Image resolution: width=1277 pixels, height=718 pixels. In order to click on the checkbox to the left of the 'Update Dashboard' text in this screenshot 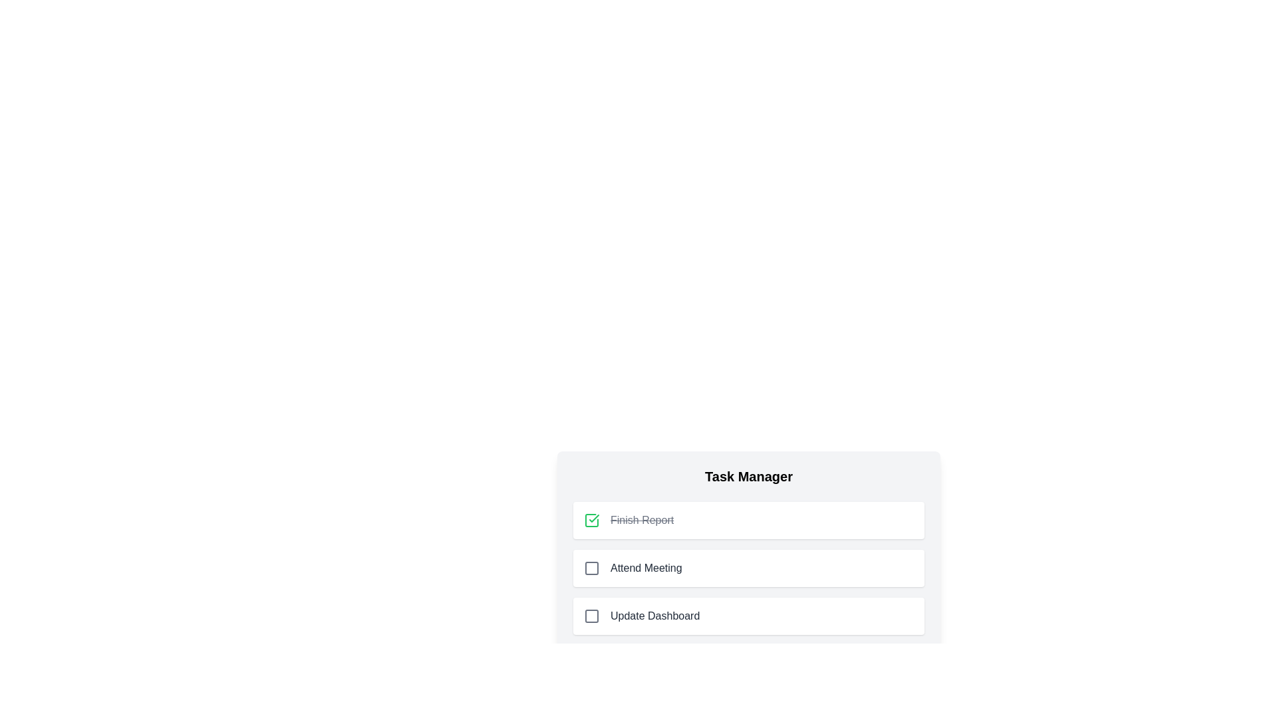, I will do `click(591, 616)`.